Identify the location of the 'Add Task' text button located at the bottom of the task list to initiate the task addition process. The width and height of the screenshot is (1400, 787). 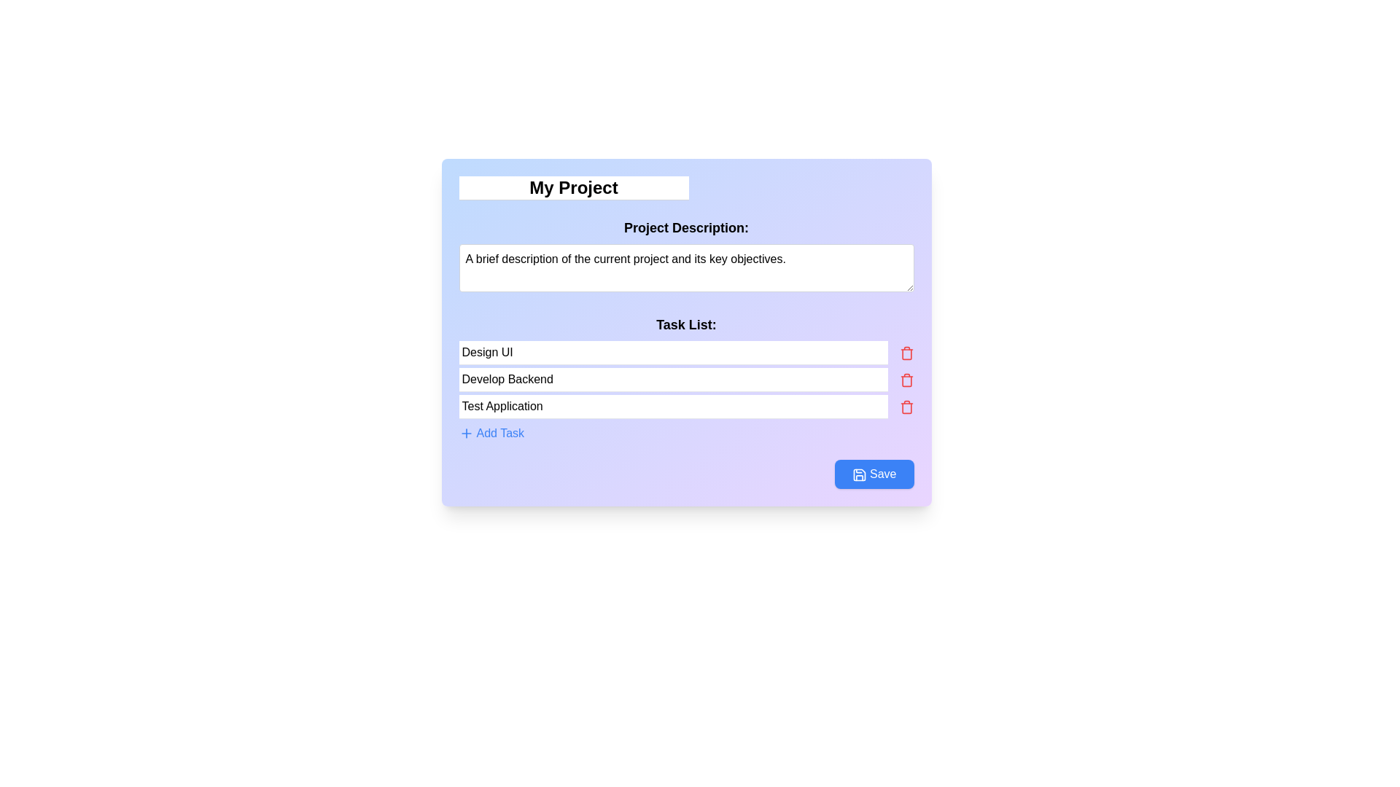
(500, 432).